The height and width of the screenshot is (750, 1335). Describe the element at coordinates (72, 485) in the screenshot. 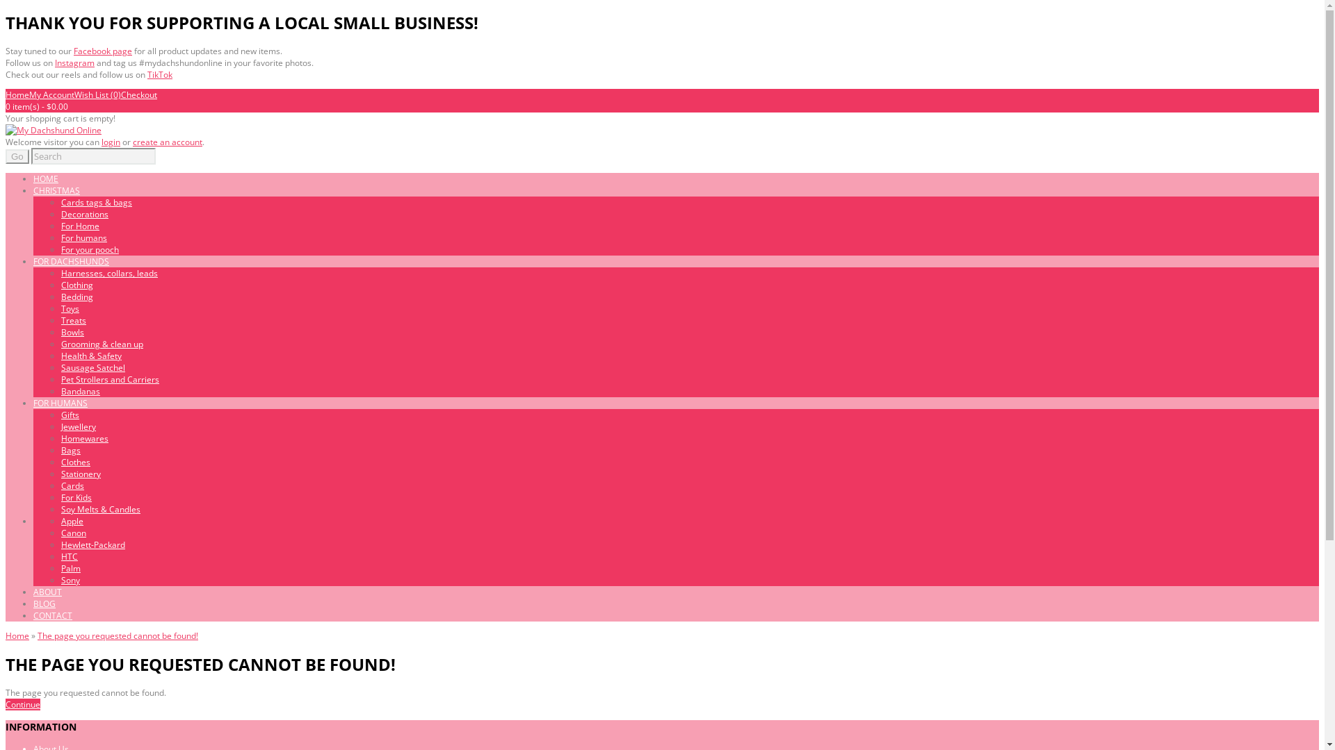

I see `'Cards'` at that location.